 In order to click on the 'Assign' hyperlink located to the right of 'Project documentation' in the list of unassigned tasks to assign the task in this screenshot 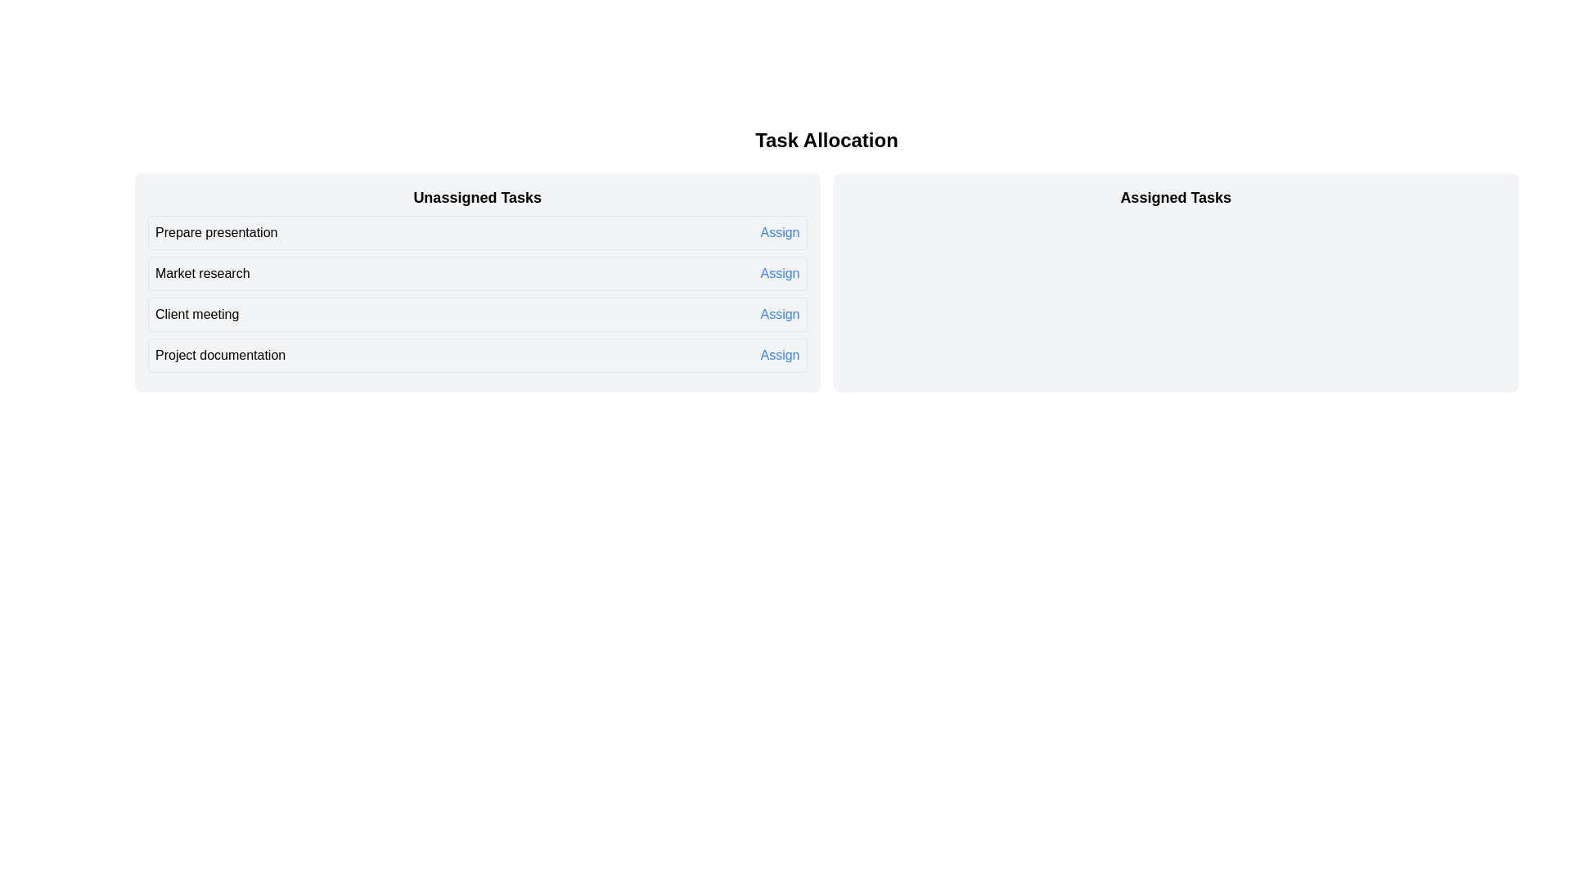, I will do `click(779, 355)`.